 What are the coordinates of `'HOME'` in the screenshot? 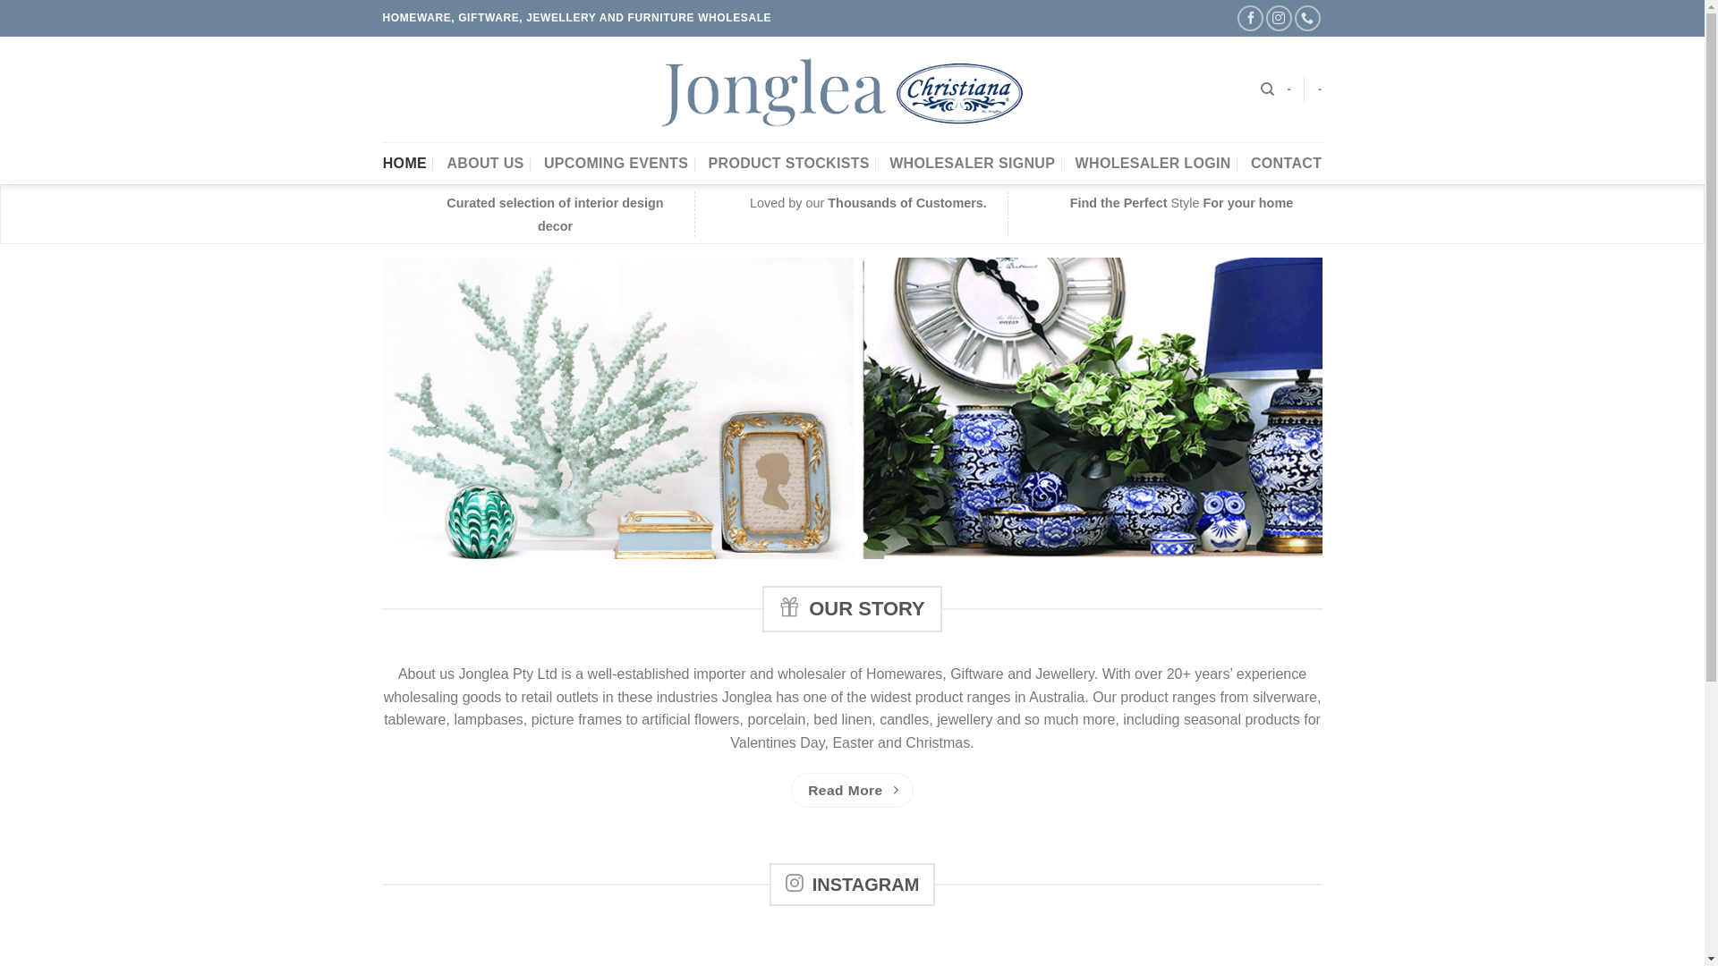 It's located at (404, 163).